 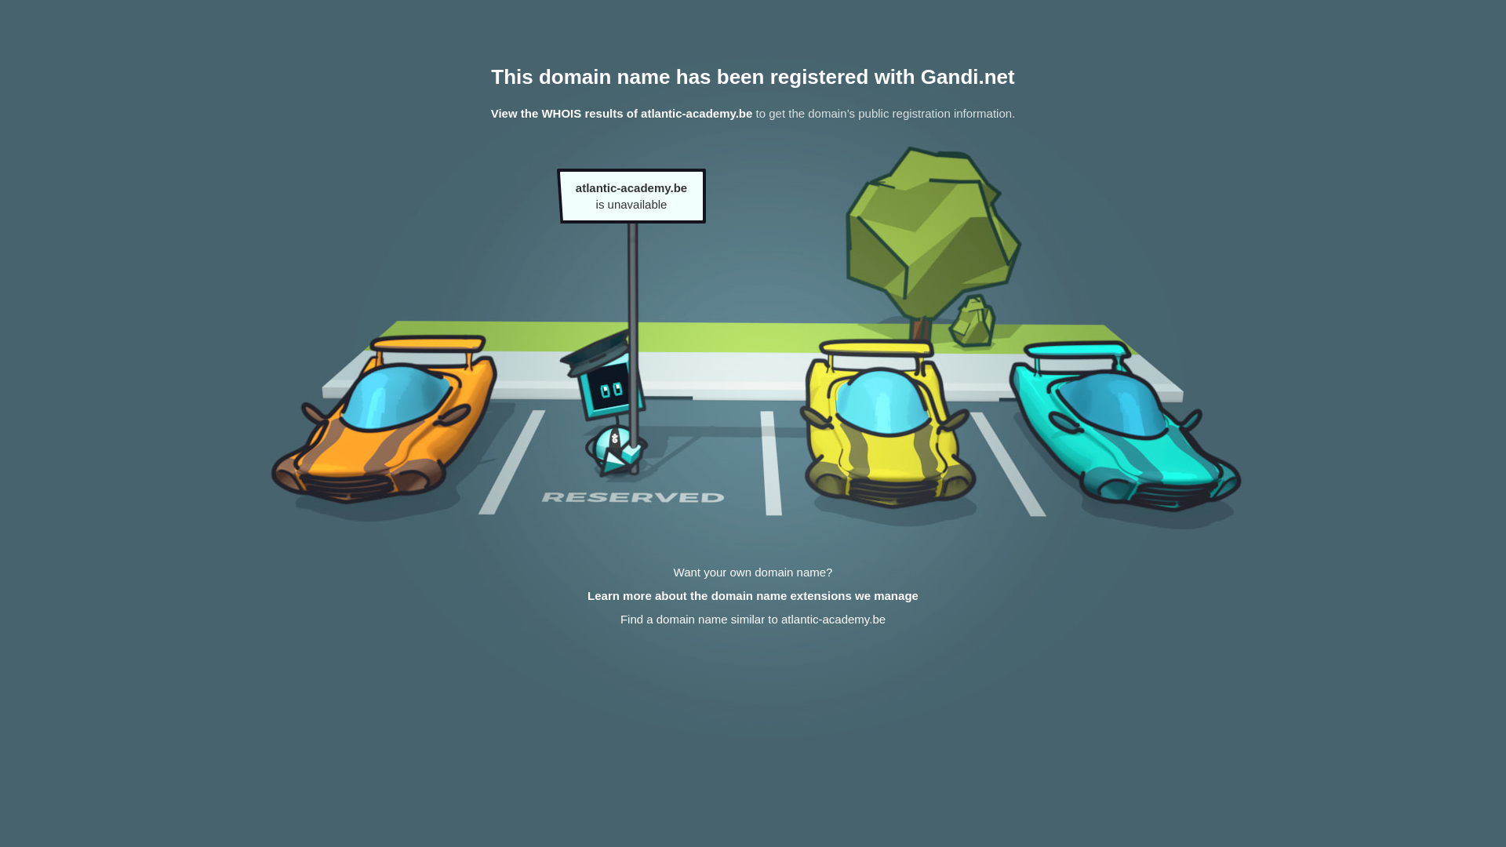 I want to click on 'Learn more about the domain name extensions we manage', so click(x=753, y=595).